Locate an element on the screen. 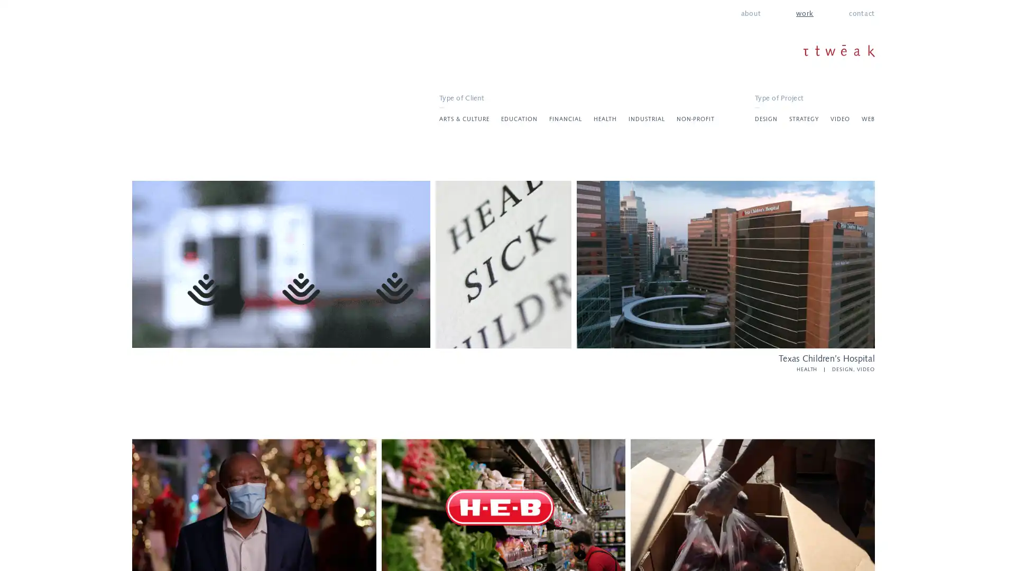  WEB is located at coordinates (868, 119).